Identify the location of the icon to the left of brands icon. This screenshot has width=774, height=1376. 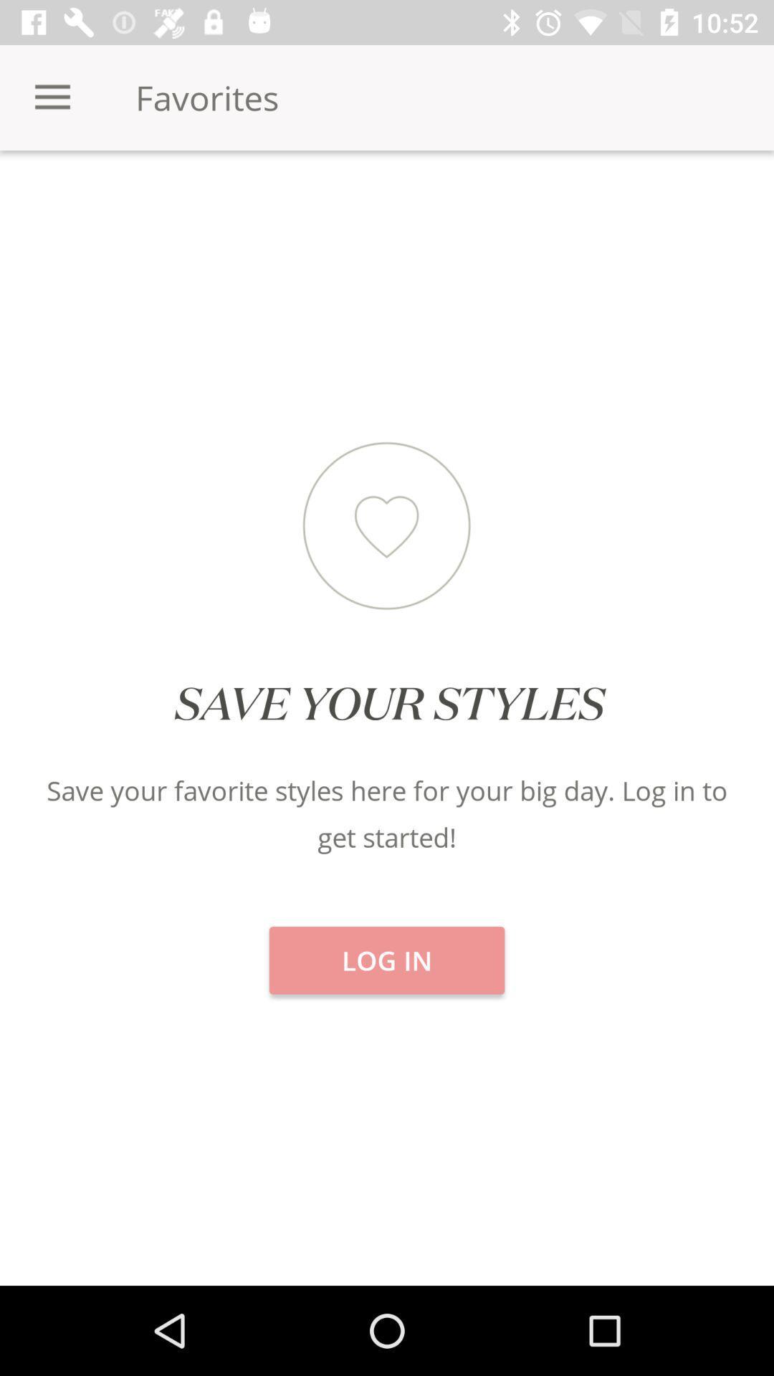
(387, 200).